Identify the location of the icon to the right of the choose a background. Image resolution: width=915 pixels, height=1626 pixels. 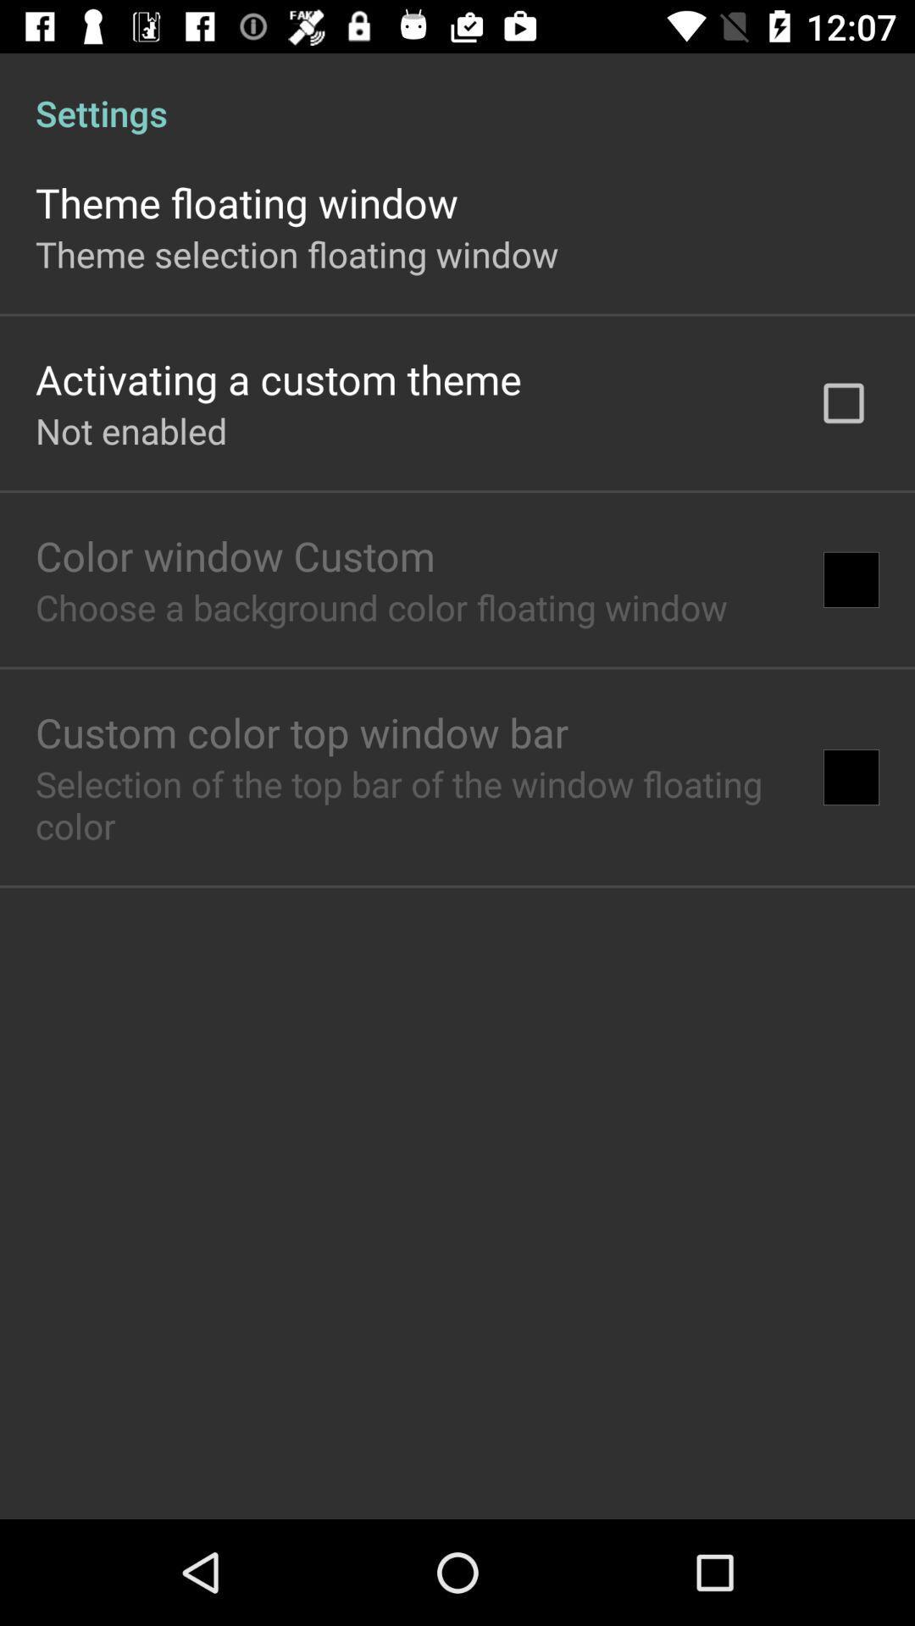
(851, 579).